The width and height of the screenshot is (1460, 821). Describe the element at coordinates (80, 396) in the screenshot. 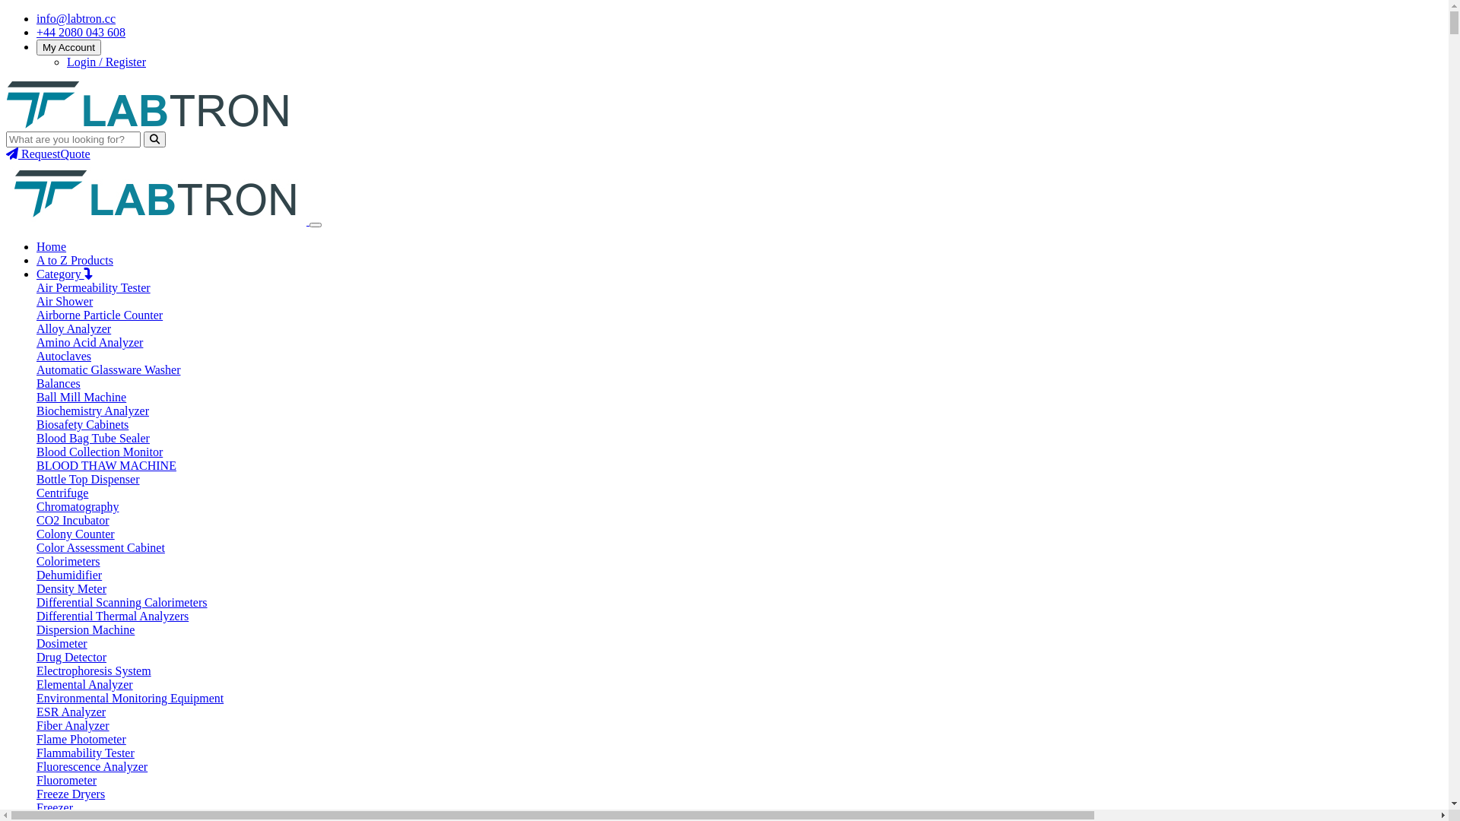

I see `'Ball Mill Machine'` at that location.